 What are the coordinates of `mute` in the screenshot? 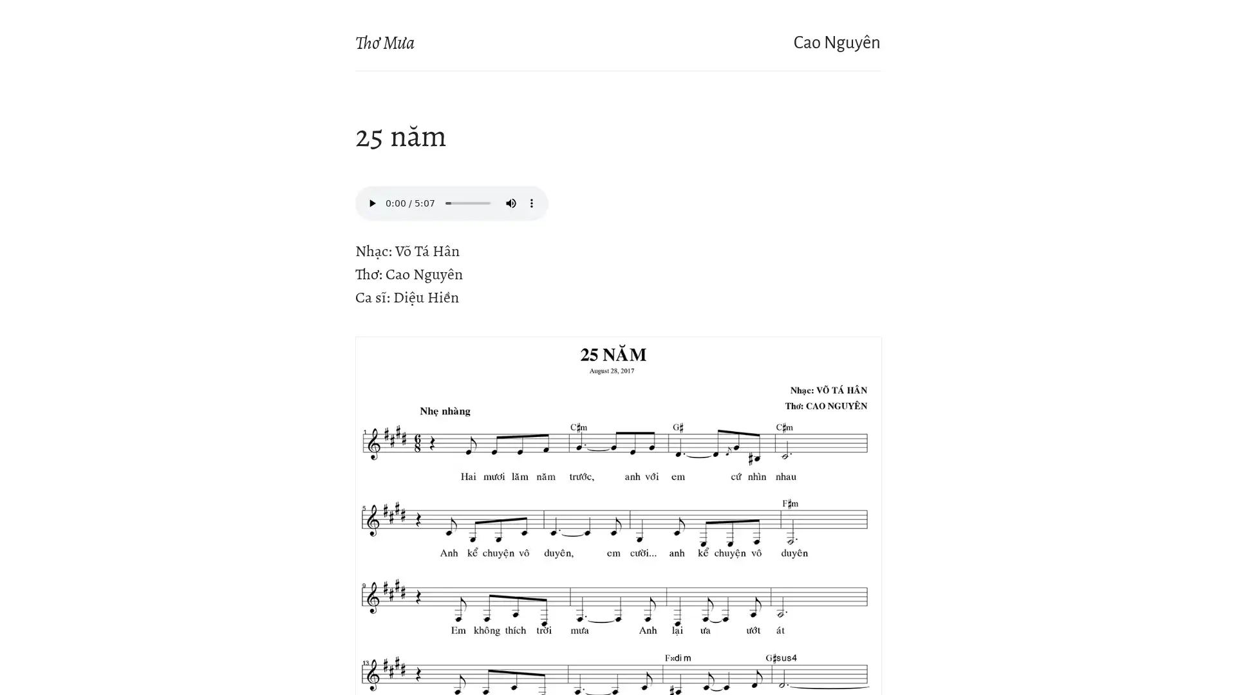 It's located at (510, 203).